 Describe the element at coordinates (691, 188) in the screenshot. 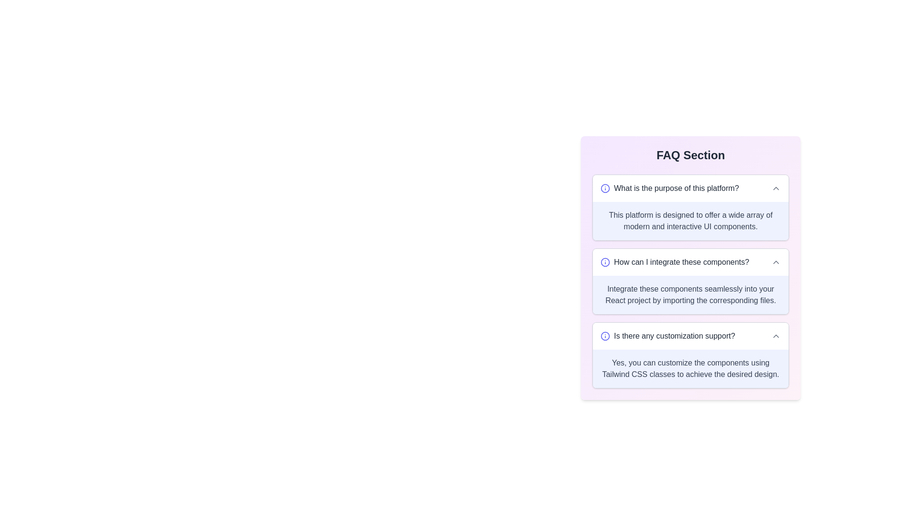

I see `the Collapsible Section Header at the top of the FAQ section` at that location.